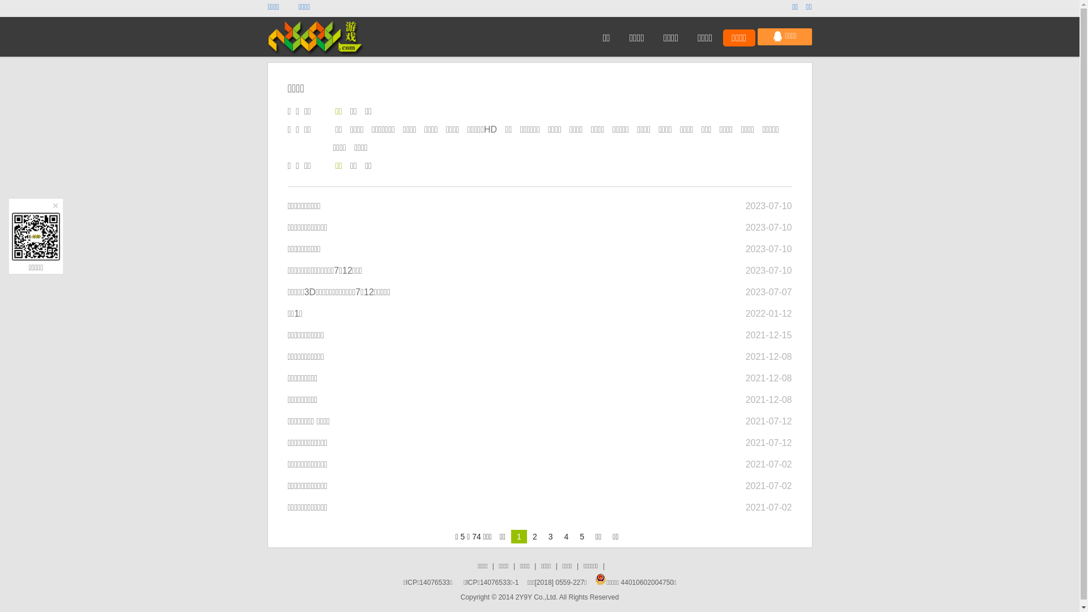  Describe the element at coordinates (582, 536) in the screenshot. I see `'5'` at that location.